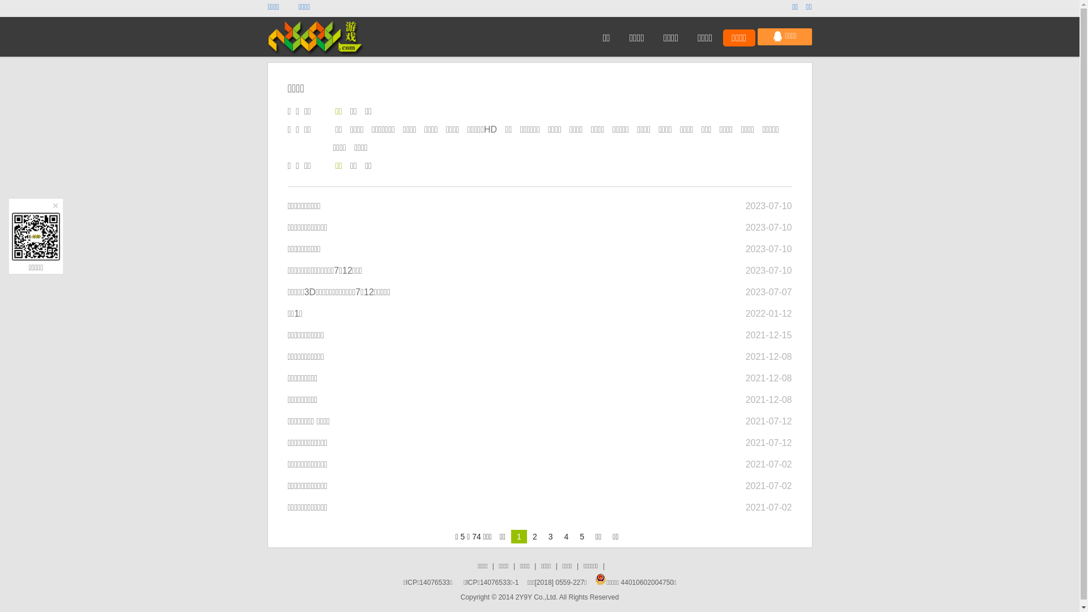  Describe the element at coordinates (582, 536) in the screenshot. I see `'5'` at that location.